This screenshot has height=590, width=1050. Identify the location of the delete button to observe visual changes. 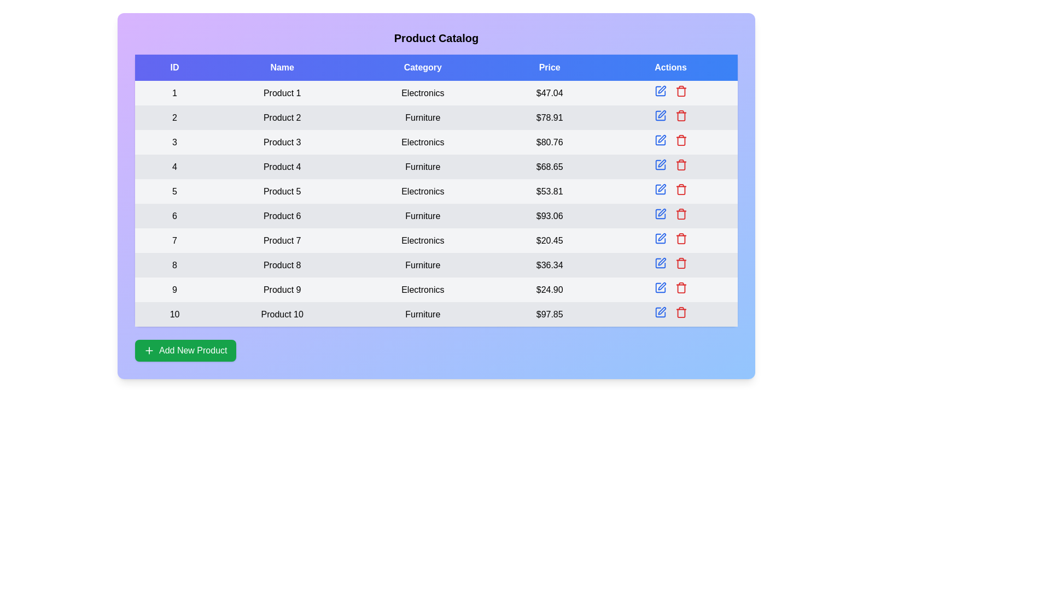
(680, 90).